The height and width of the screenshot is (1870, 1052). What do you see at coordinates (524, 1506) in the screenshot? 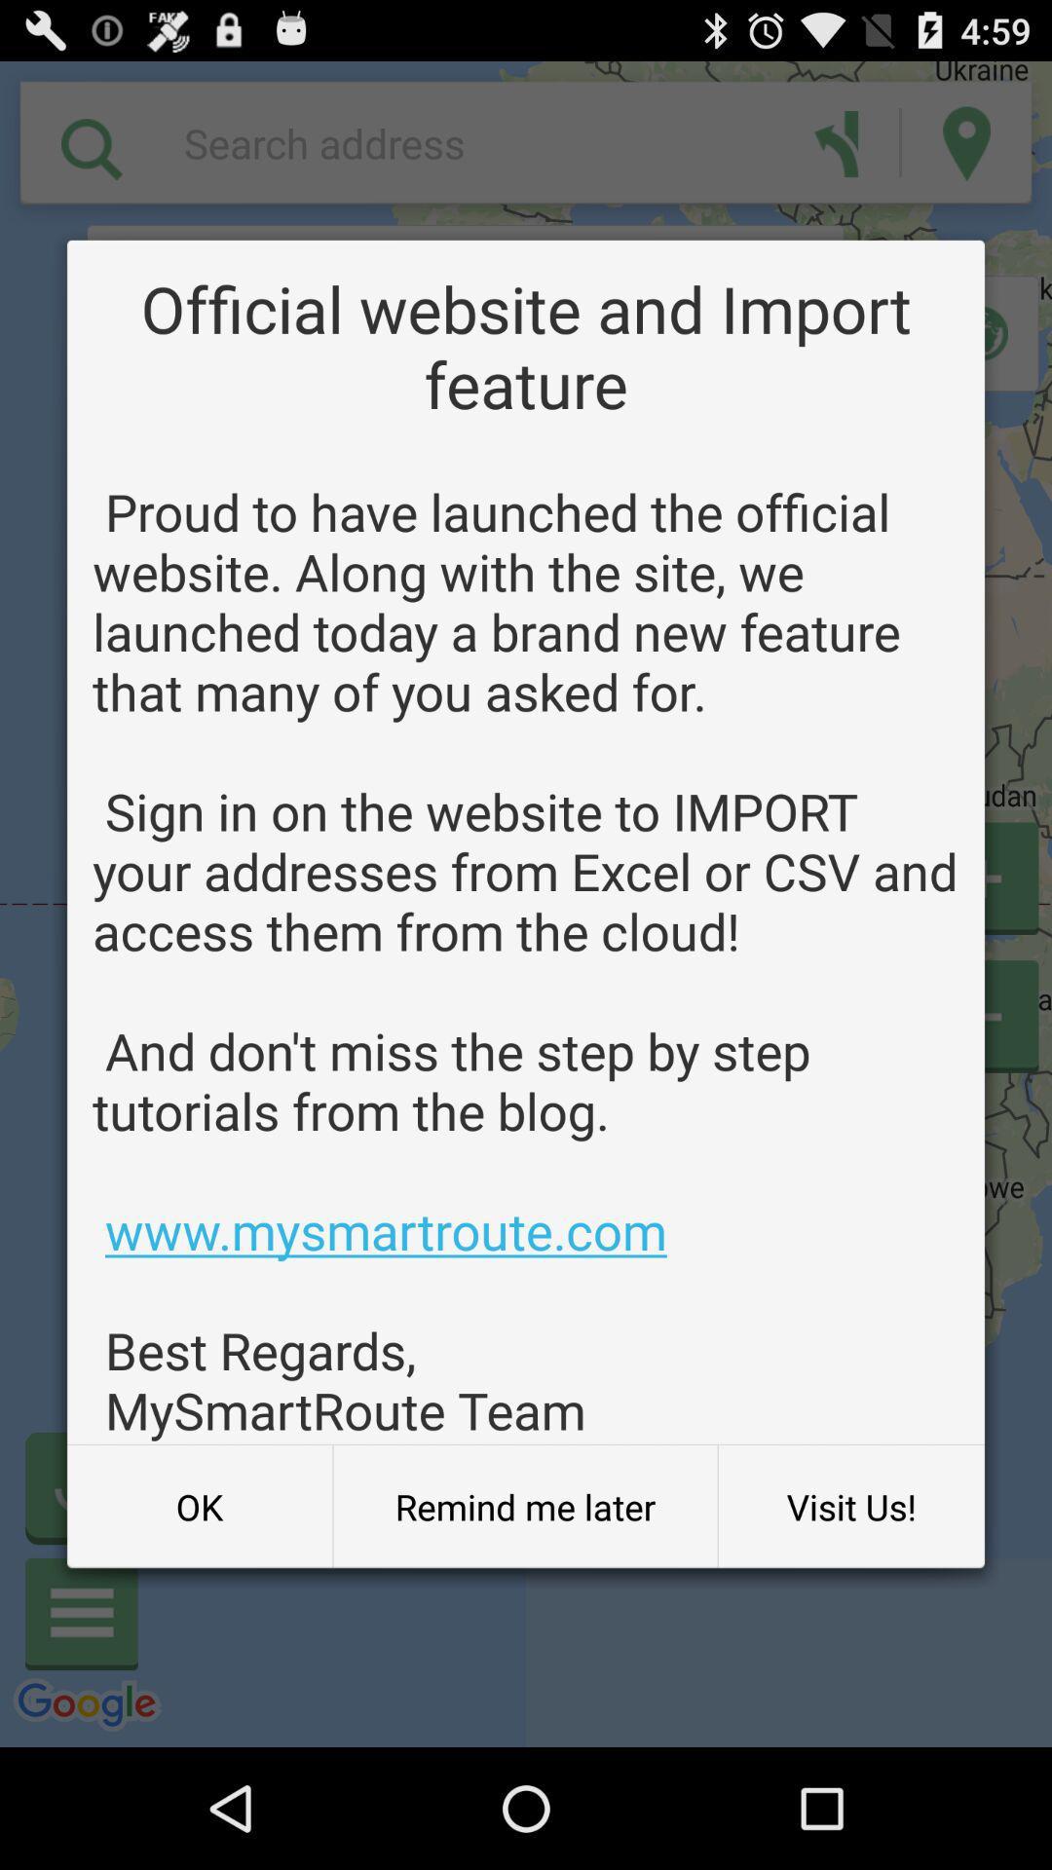
I see `button to the right of the ok button` at bounding box center [524, 1506].